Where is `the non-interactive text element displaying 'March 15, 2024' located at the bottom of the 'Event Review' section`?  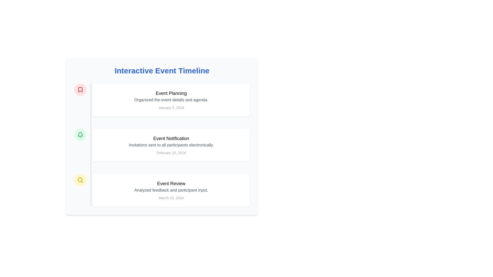
the non-interactive text element displaying 'March 15, 2024' located at the bottom of the 'Event Review' section is located at coordinates (171, 197).